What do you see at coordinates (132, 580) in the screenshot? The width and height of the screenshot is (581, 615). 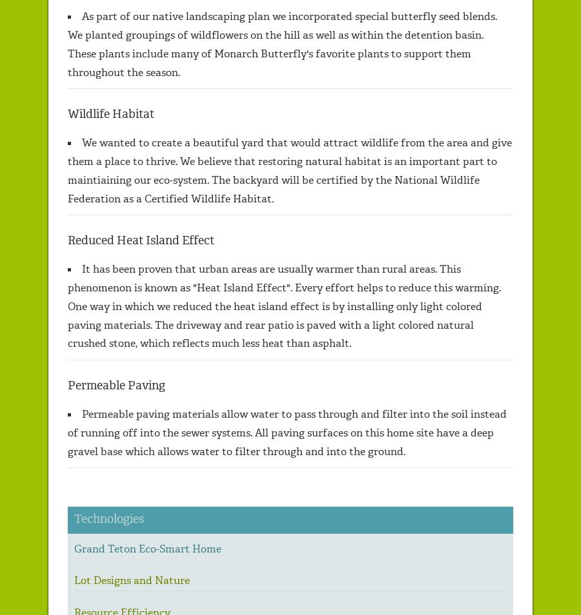 I see `'Lot Designs and Nature'` at bounding box center [132, 580].